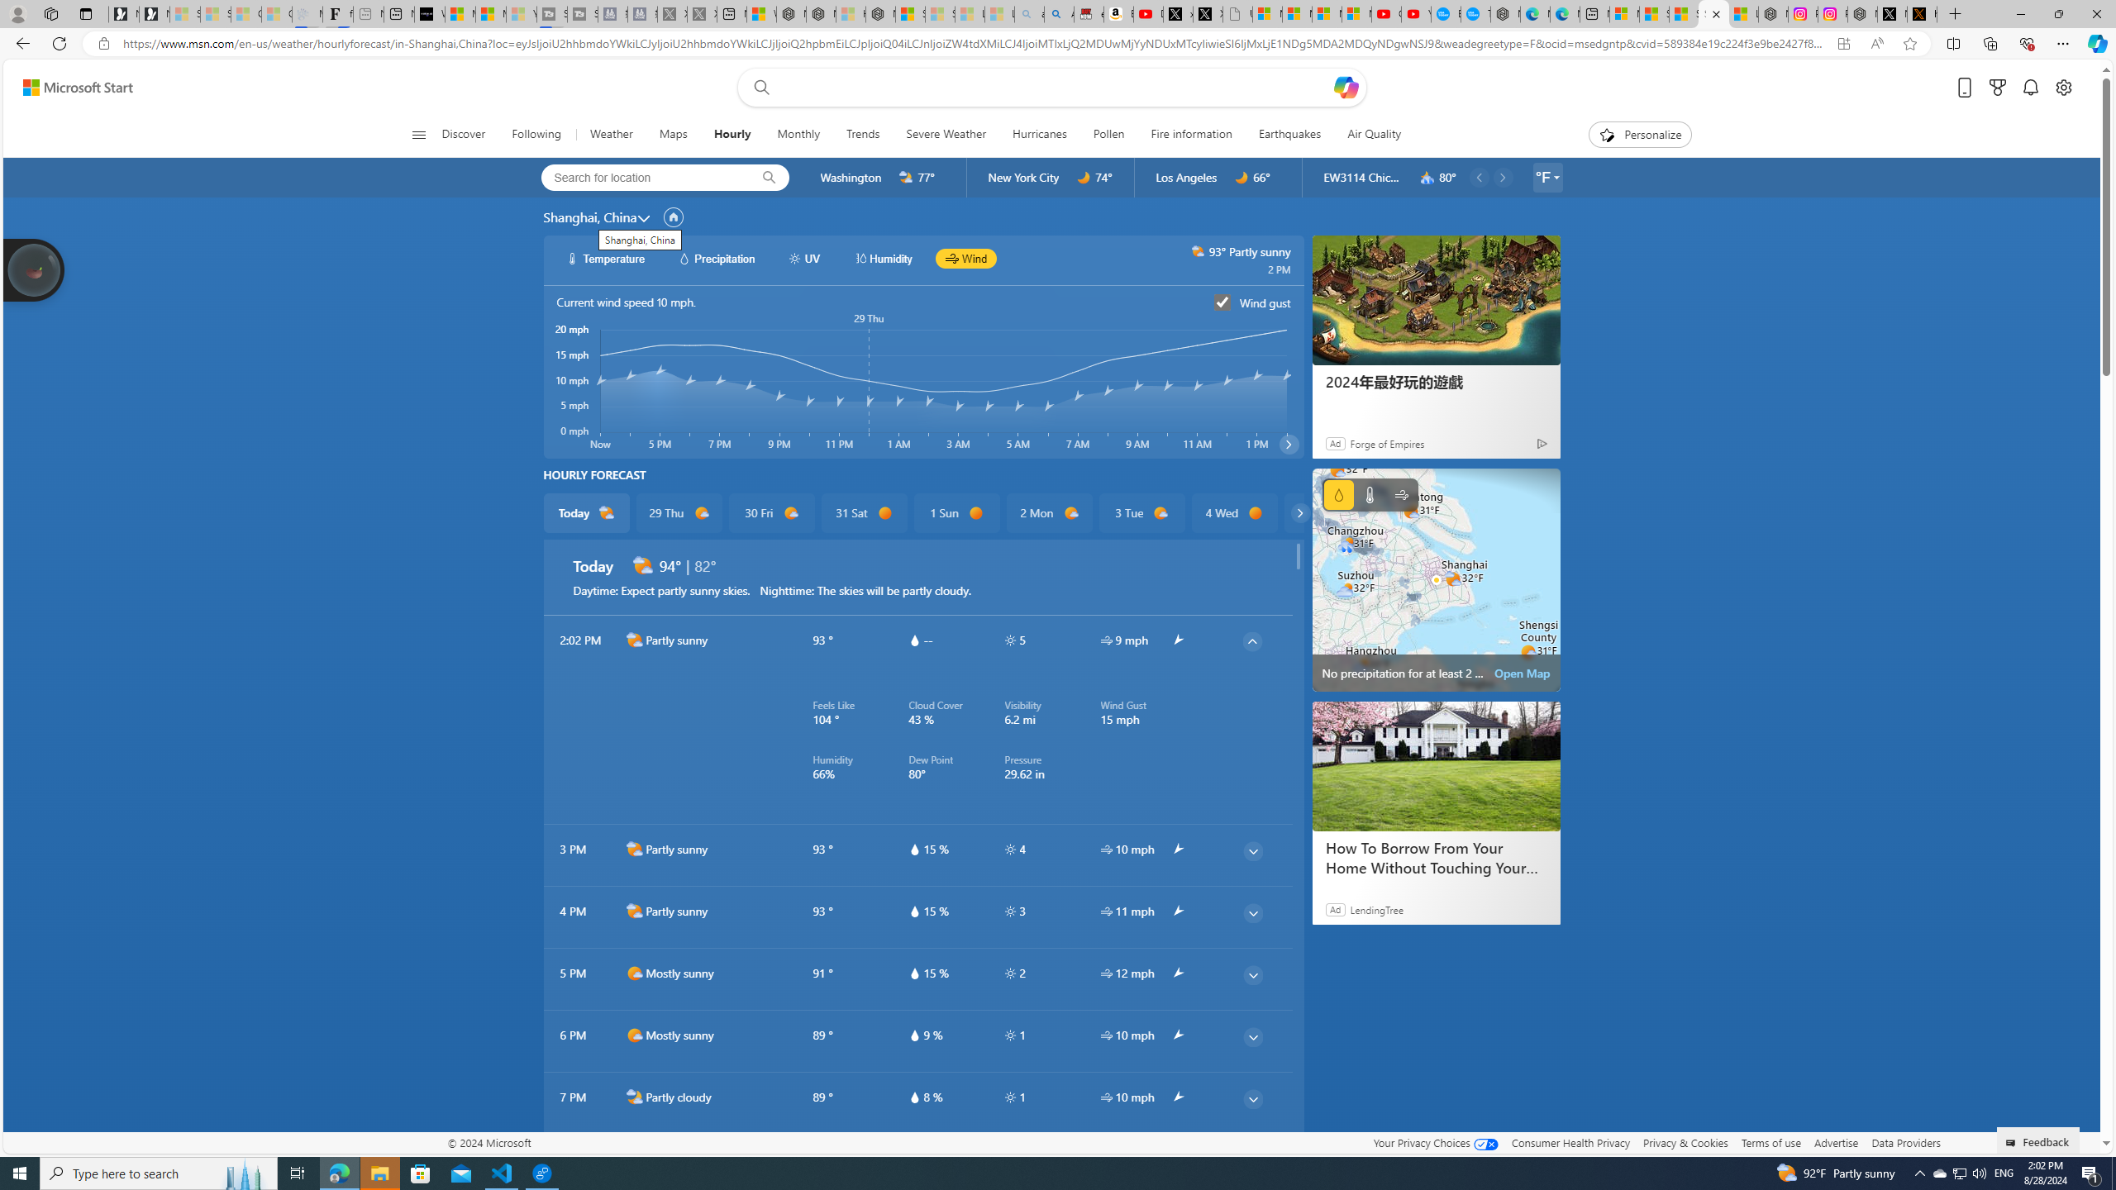 This screenshot has height=1190, width=2116. I want to click on 'hourlyChart/temperatureWhite', so click(572, 257).